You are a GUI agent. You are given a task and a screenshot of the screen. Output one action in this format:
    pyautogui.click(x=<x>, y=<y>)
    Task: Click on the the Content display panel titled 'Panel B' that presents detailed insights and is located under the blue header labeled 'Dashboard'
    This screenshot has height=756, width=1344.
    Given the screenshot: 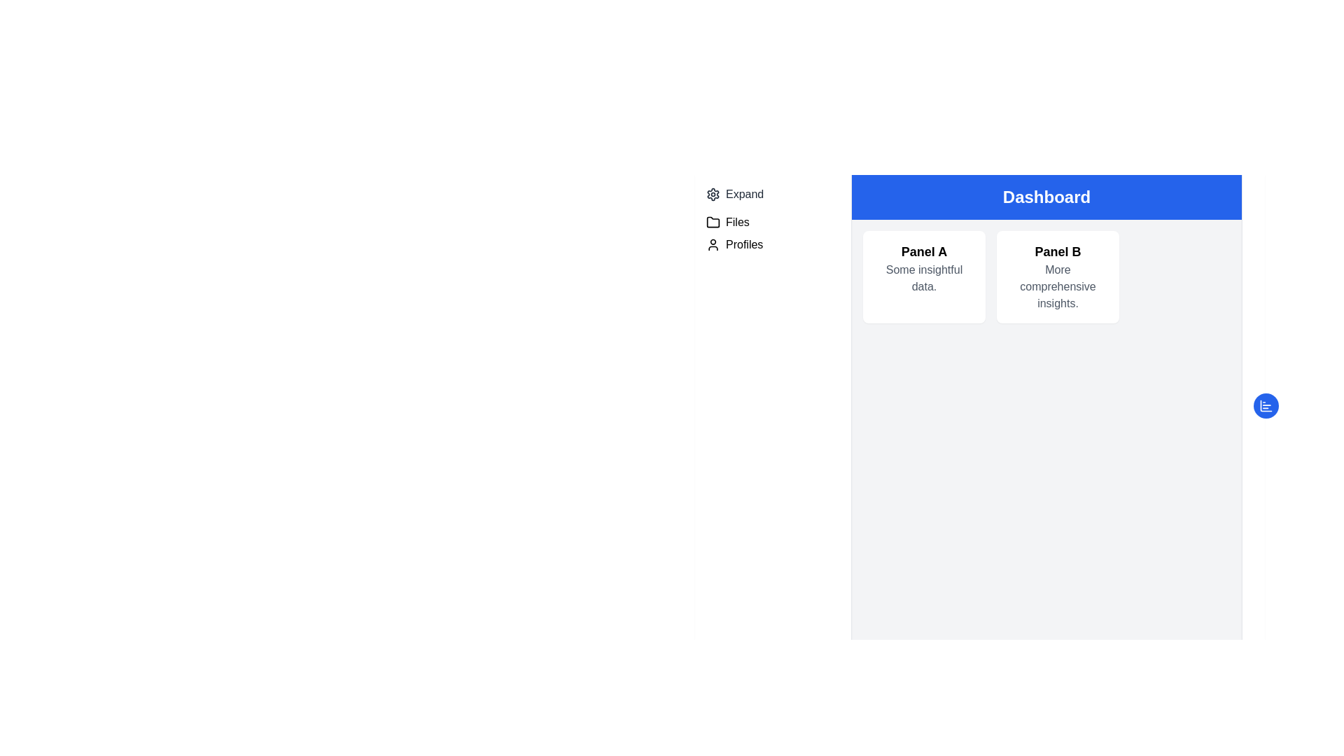 What is the action you would take?
    pyautogui.click(x=1046, y=277)
    